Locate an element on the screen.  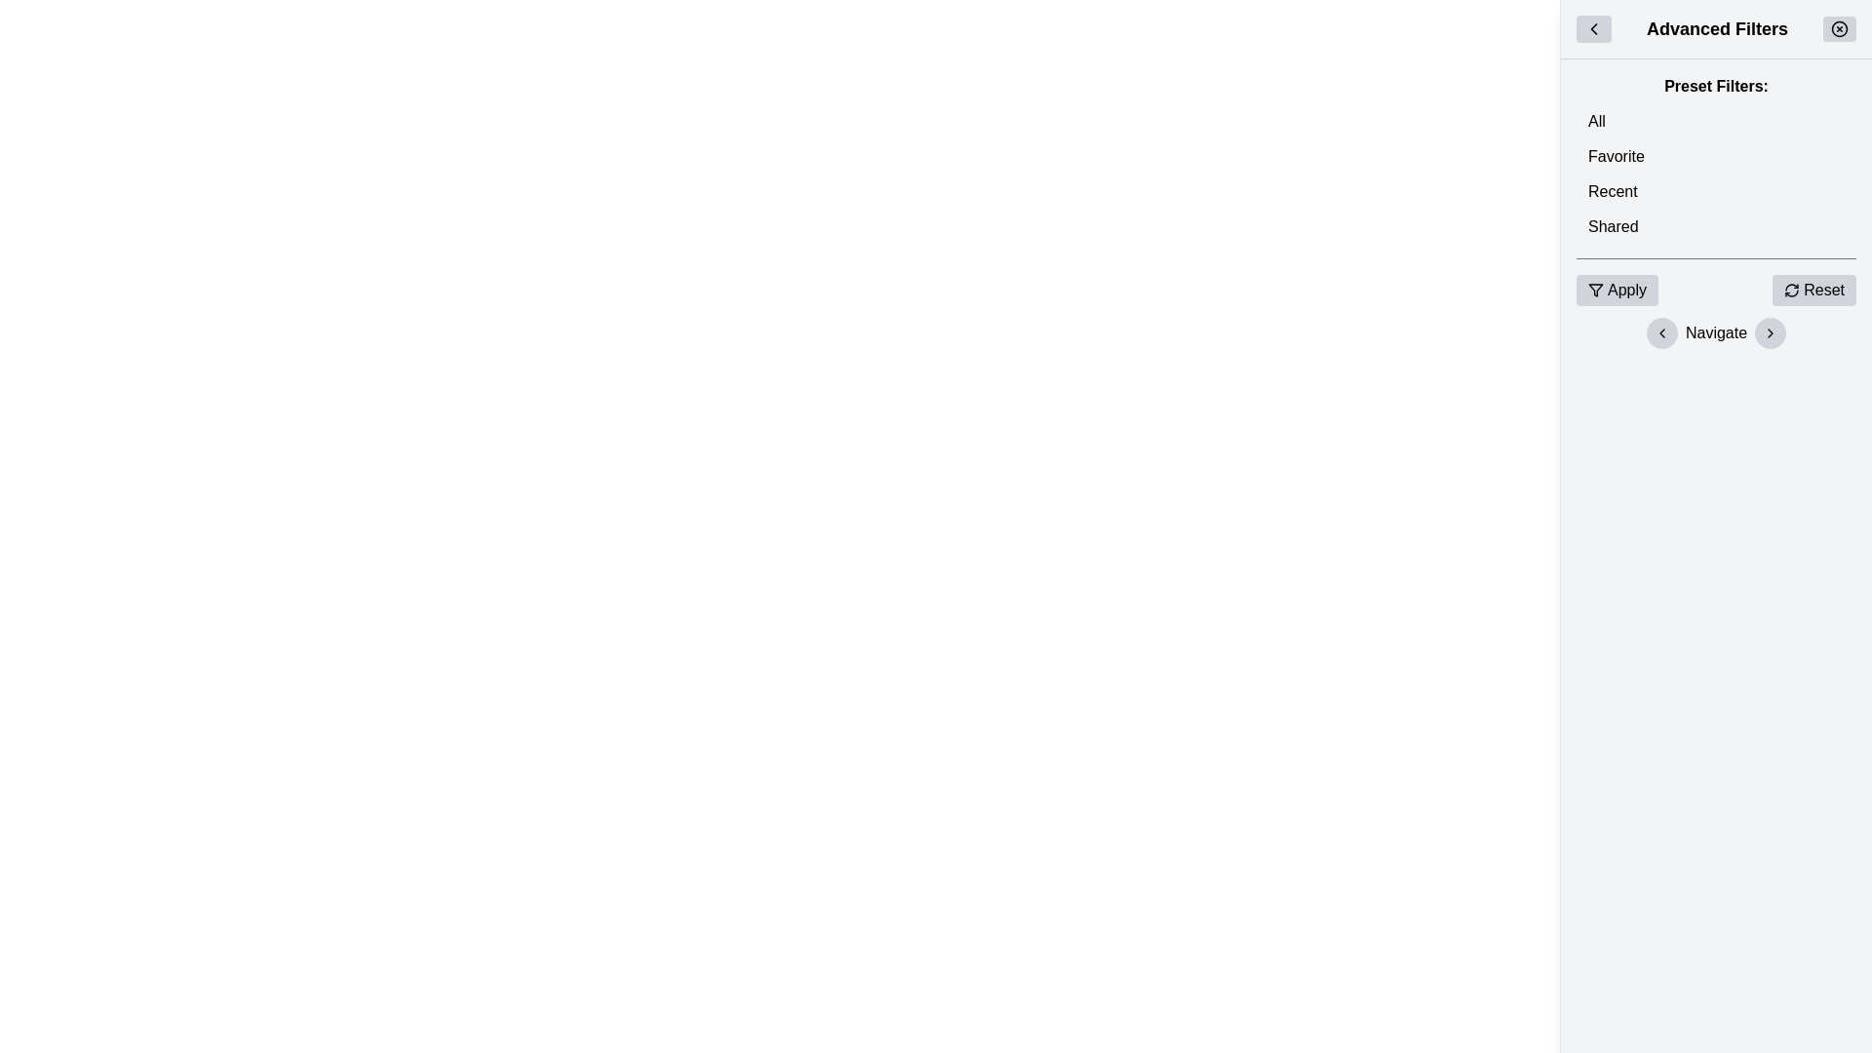
the right-facing chevron icon within the circular button located at the bottom right corner of the 'Navigate' section is located at coordinates (1771, 332).